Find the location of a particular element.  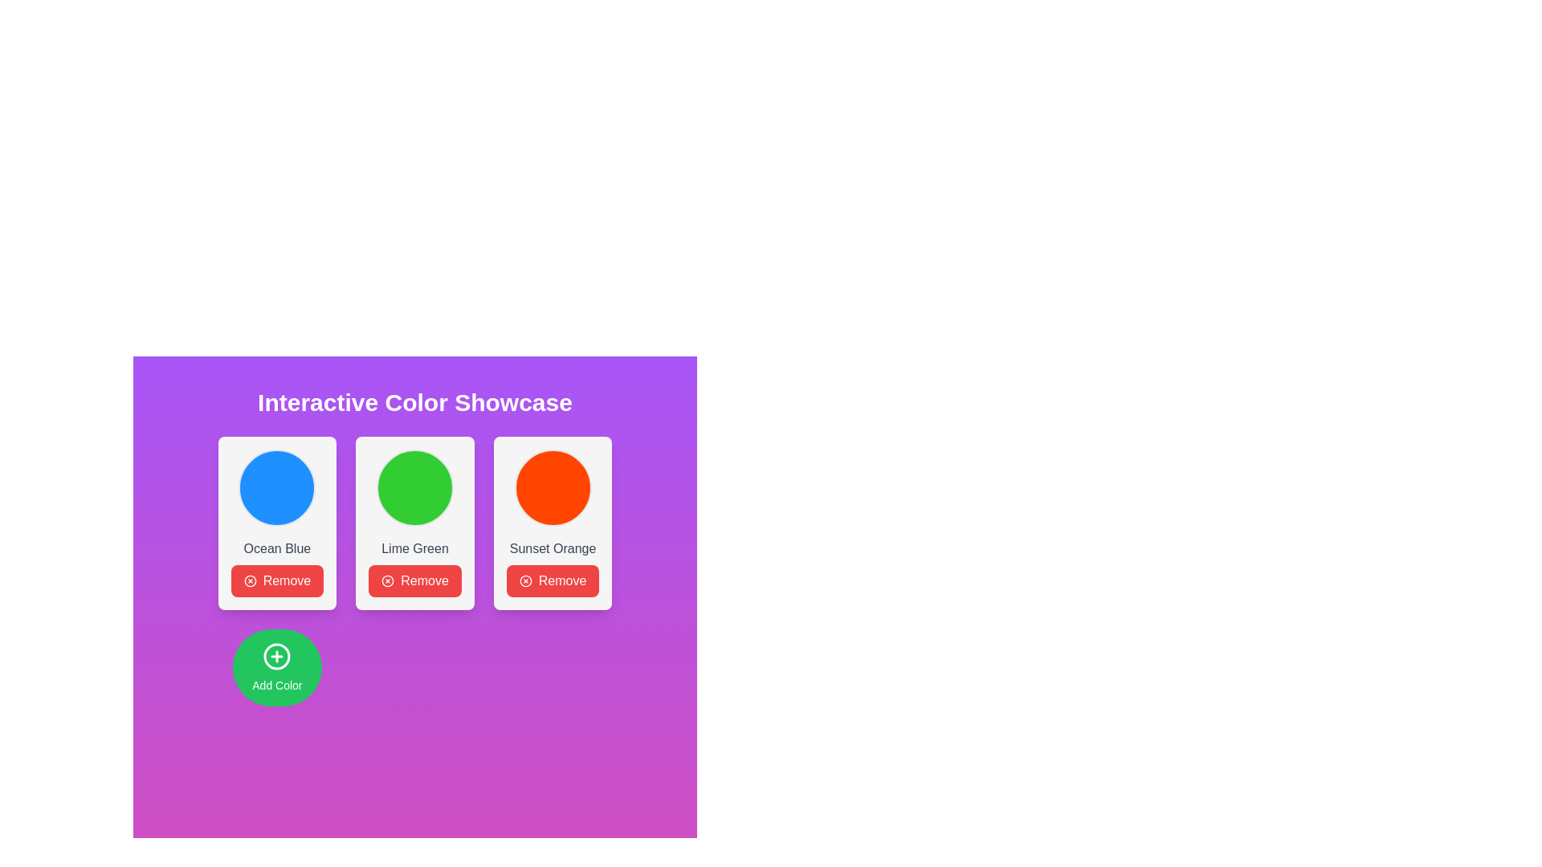

the red button labeled 'Remove' with an 'X' icon, located within the 'Lime Green' card, to activate hover effects is located at coordinates (415, 581).